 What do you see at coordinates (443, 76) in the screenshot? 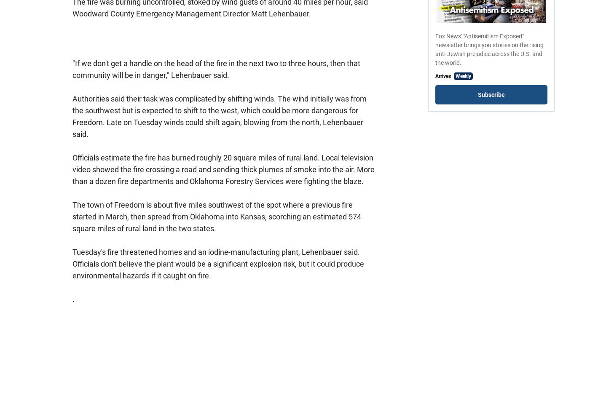
I see `'Arrives'` at bounding box center [443, 76].